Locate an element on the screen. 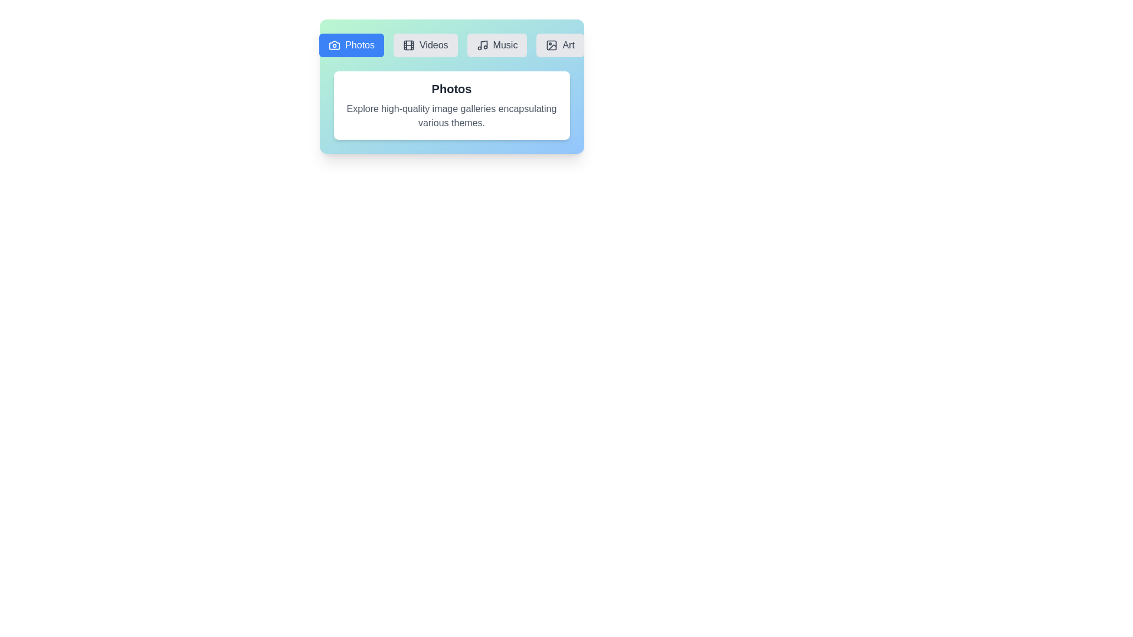  the Art tab is located at coordinates (559, 45).